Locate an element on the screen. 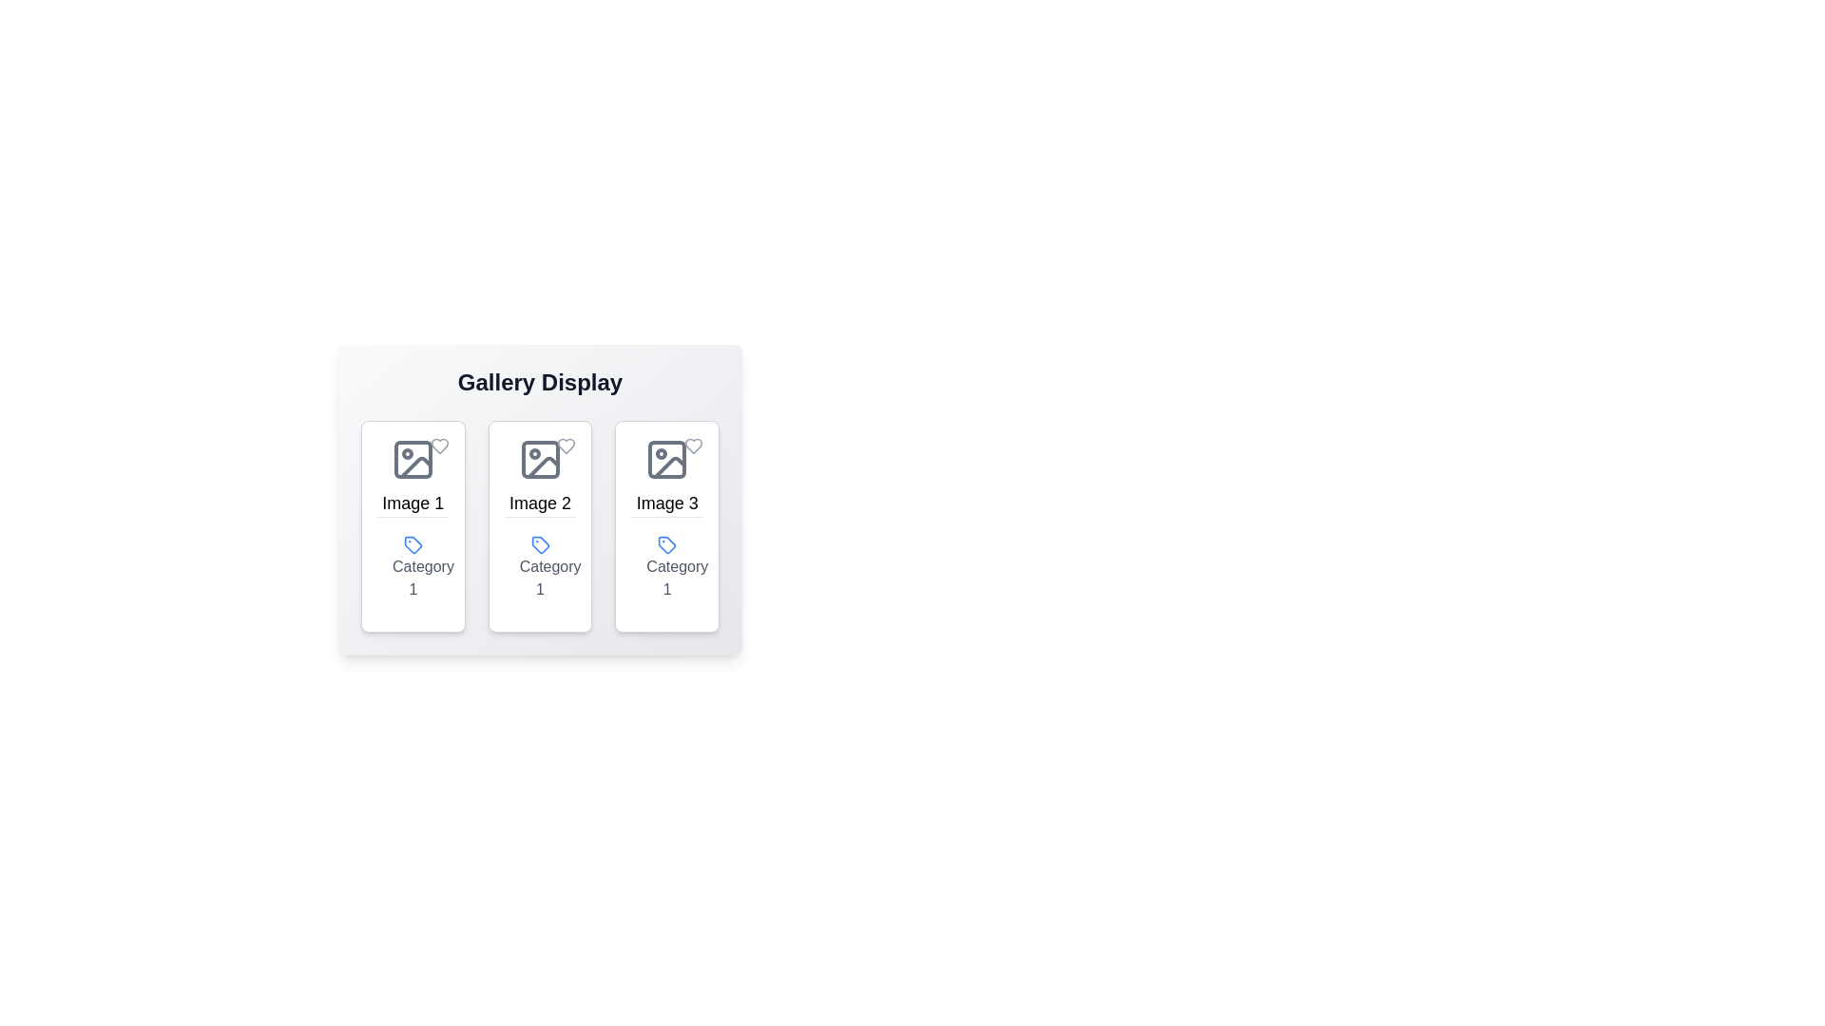 Image resolution: width=1825 pixels, height=1026 pixels. to select the first card-like component in the gallery, which contains an icon and text, serving as a visual representation of an image is located at coordinates (412, 475).